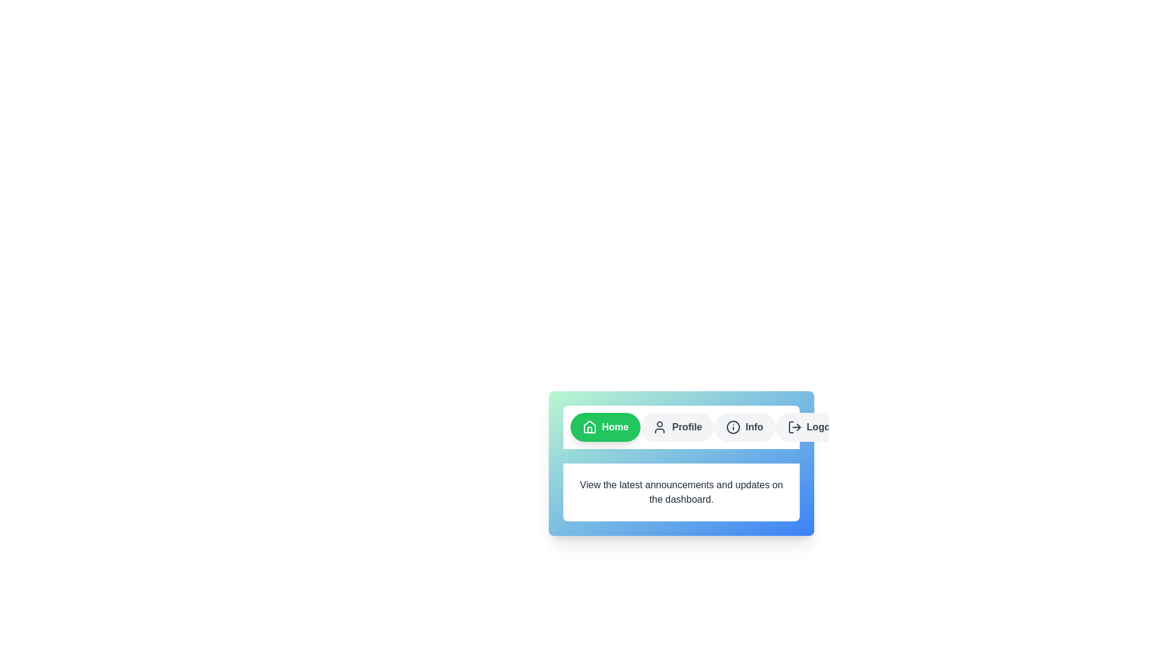 The image size is (1158, 651). Describe the element at coordinates (681, 492) in the screenshot. I see `the informational text block that announces updates or announcements related to the dashboard, located below the navigation bar` at that location.